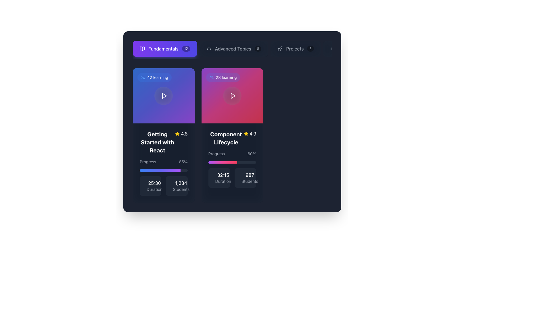 Image resolution: width=552 pixels, height=310 pixels. Describe the element at coordinates (232, 162) in the screenshot. I see `the current progress visually on the horizontal progress bar that is located within the 'Component Lifecycle' card, directly below the text 'Progress 60%', which indicates a progress value of approximately 60%` at that location.